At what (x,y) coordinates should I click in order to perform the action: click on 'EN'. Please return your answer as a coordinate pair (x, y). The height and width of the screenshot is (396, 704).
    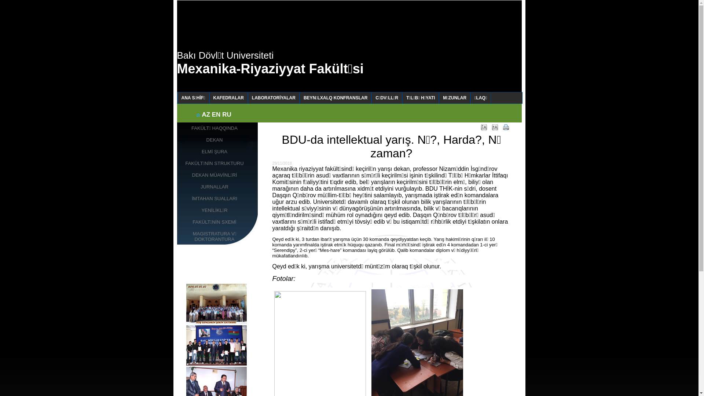
    Looking at the image, I should click on (216, 114).